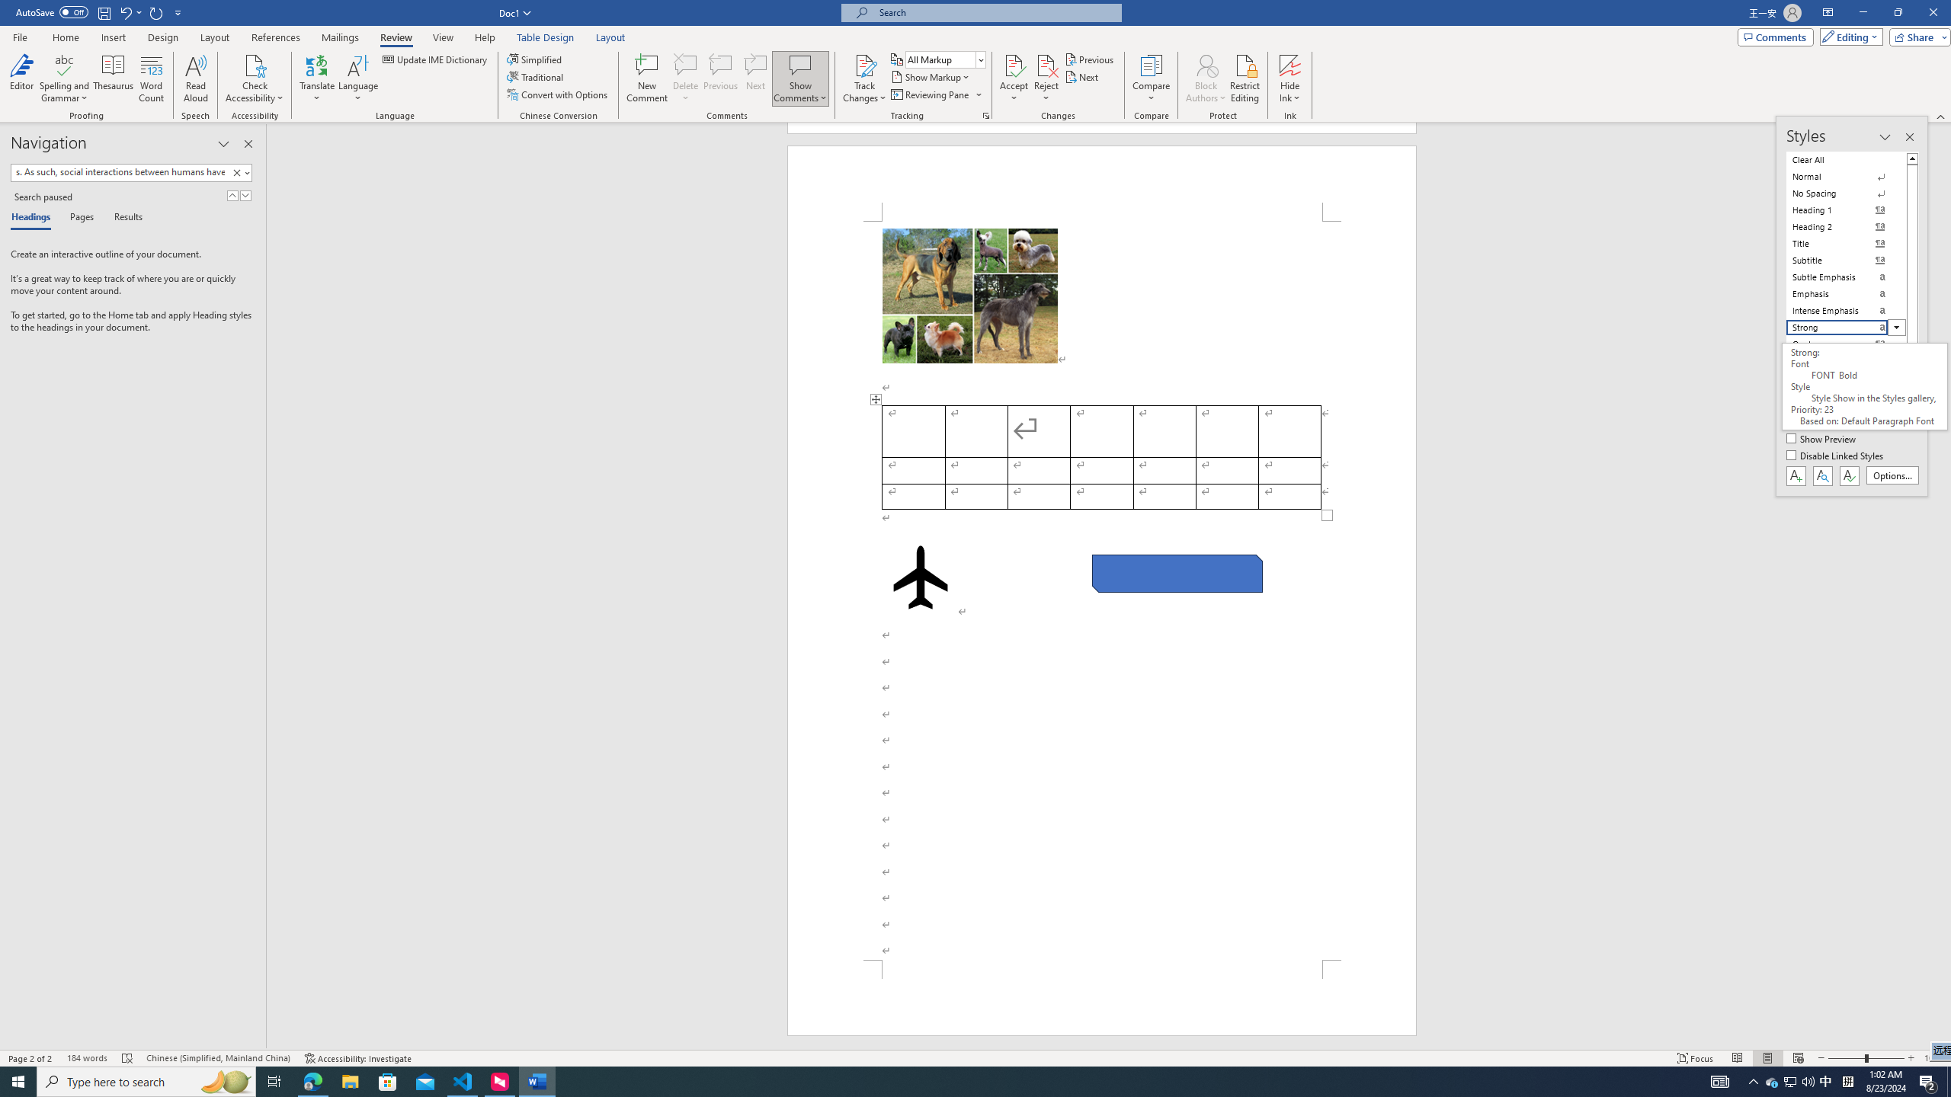 This screenshot has width=1951, height=1097. What do you see at coordinates (358, 78) in the screenshot?
I see `'Language'` at bounding box center [358, 78].